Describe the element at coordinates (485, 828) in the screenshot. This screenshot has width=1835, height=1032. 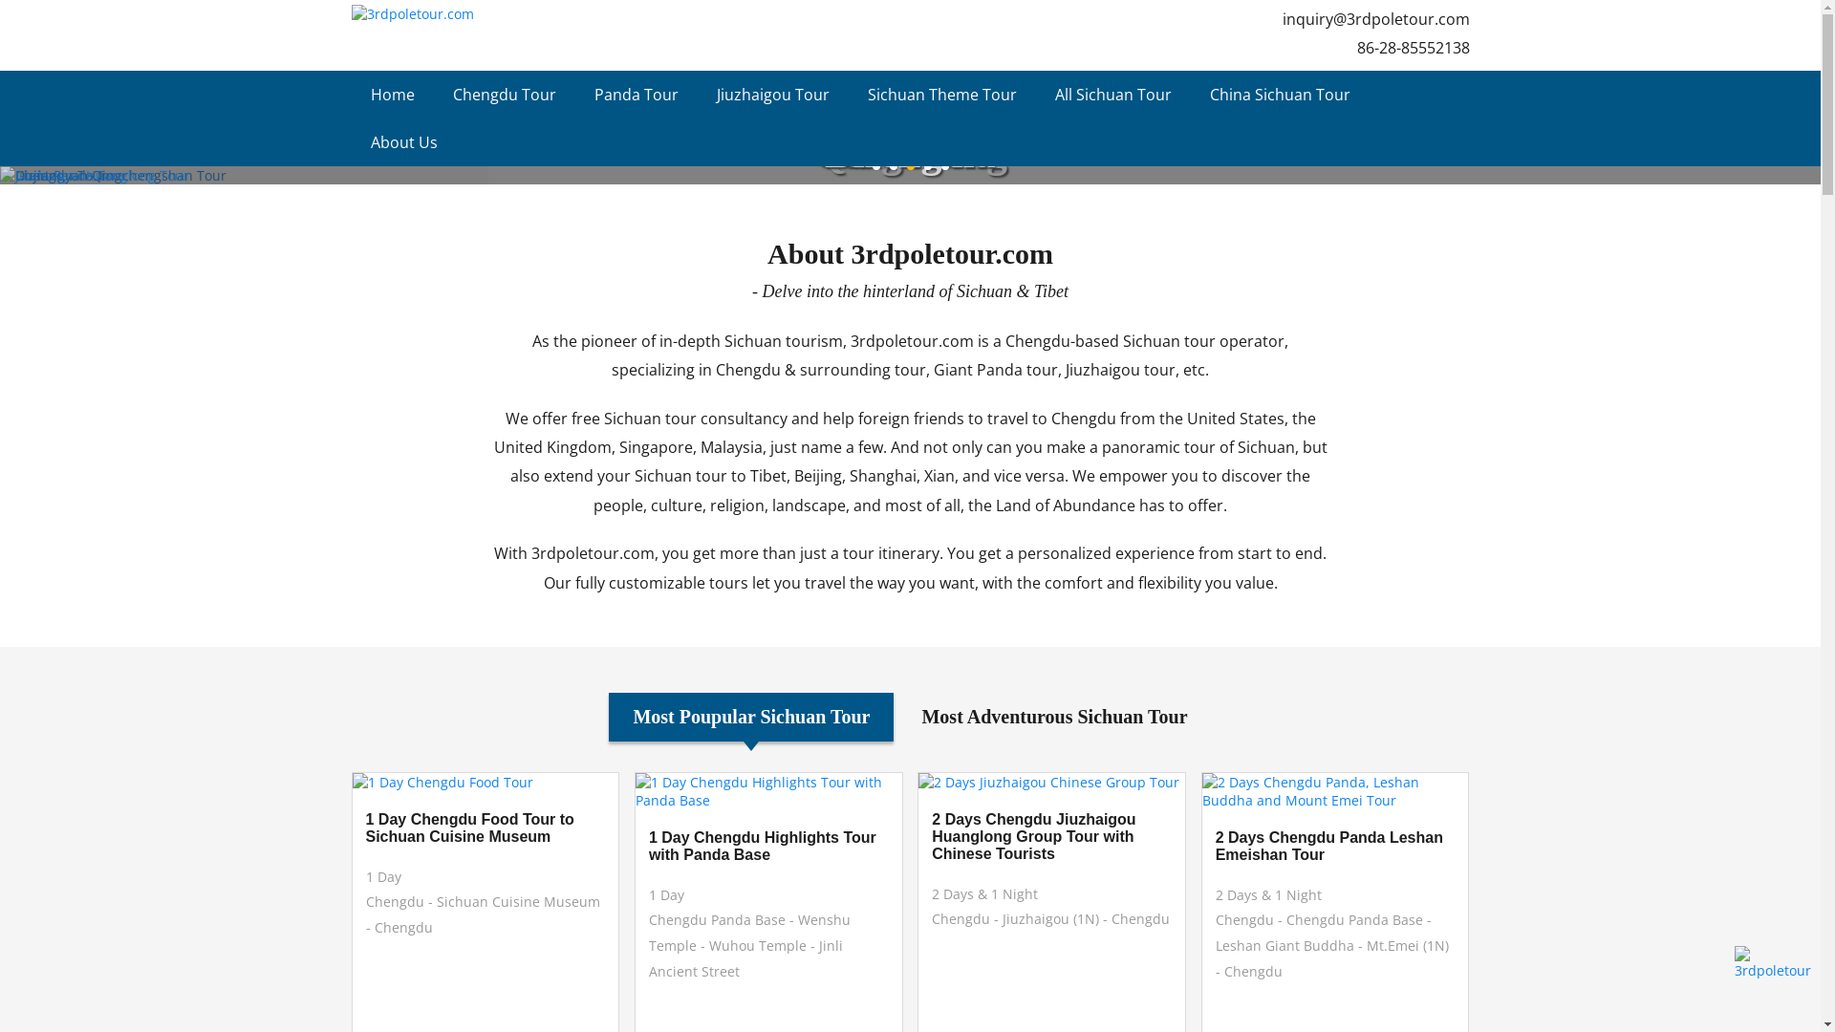
I see `'1 Day Chengdu Food Tour to Sichuan Cuisine Museum'` at that location.